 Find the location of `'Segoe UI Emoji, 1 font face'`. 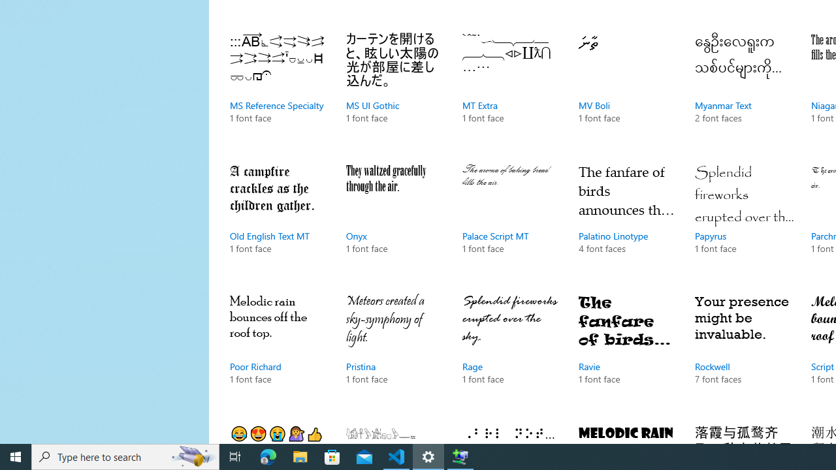

'Segoe UI Emoji, 1 font face' is located at coordinates (278, 430).